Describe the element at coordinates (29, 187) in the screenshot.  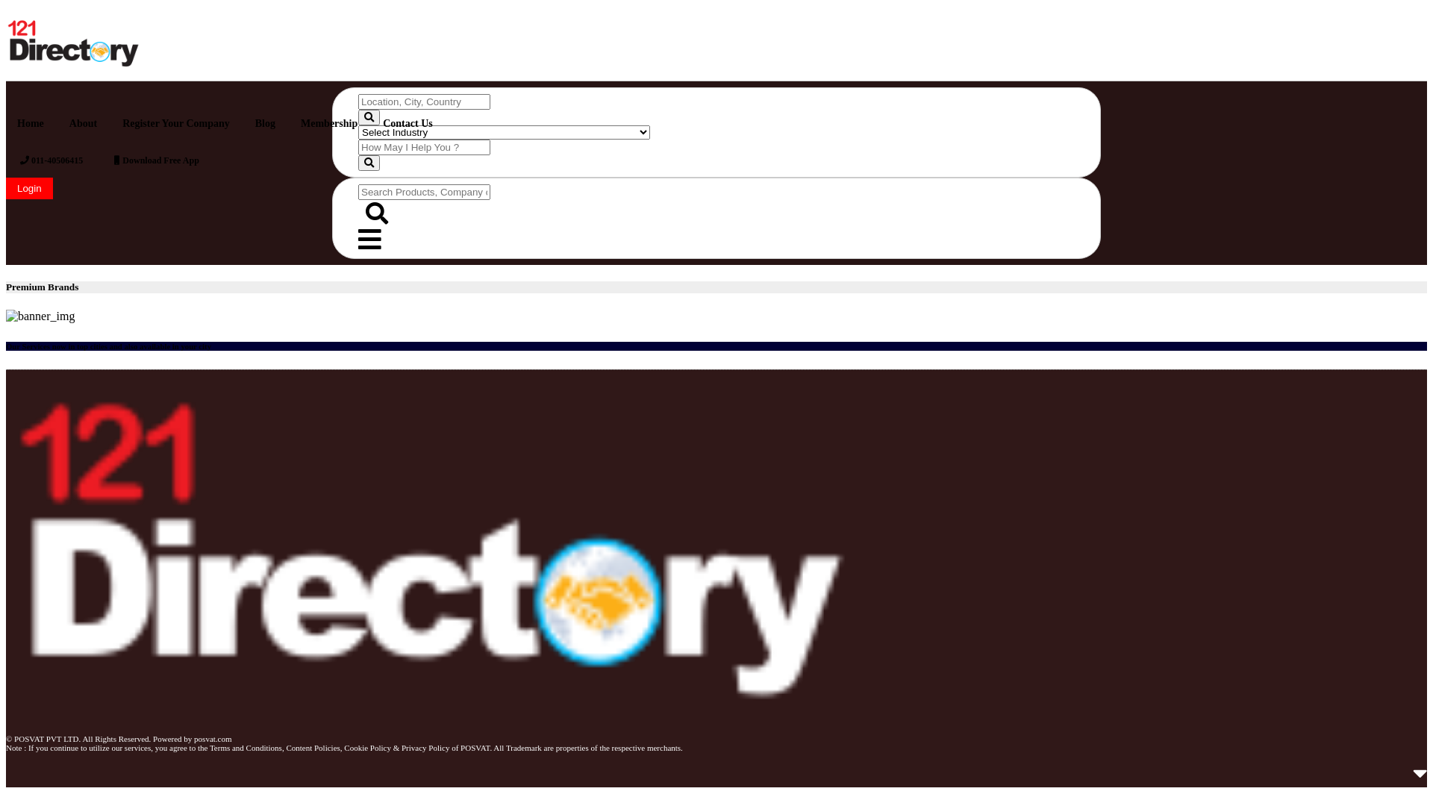
I see `'Login'` at that location.